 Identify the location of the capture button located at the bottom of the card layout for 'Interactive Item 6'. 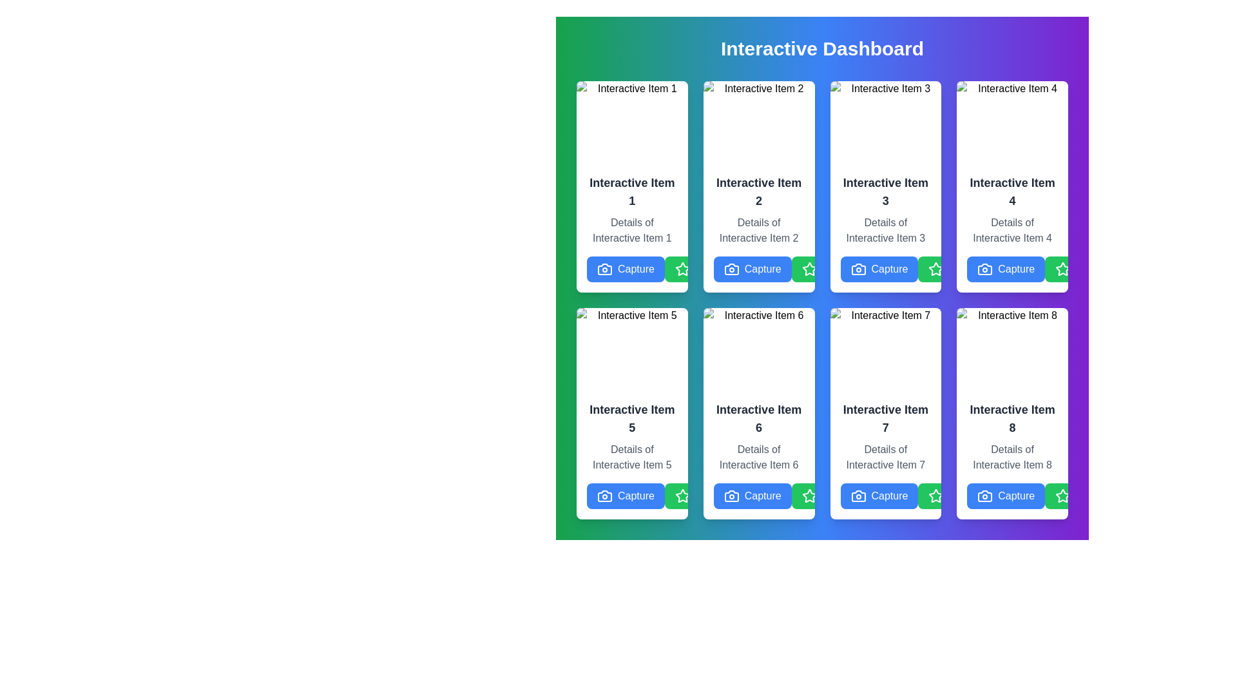
(759, 496).